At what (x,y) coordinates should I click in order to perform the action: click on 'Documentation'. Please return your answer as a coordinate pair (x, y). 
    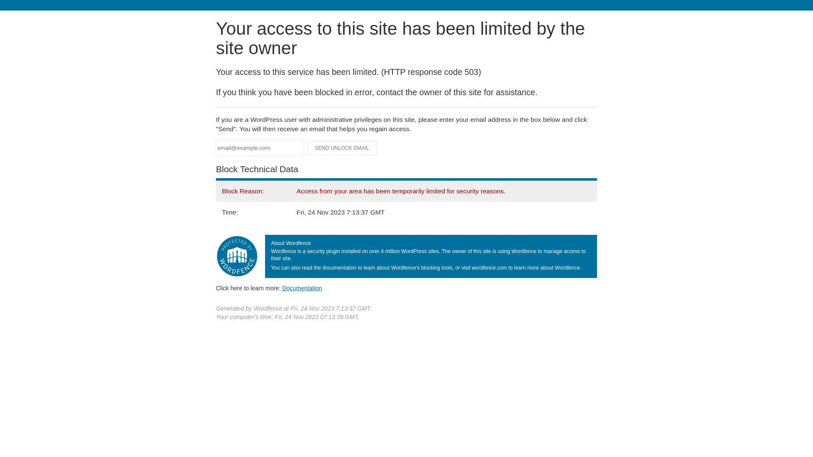
    Looking at the image, I should click on (282, 288).